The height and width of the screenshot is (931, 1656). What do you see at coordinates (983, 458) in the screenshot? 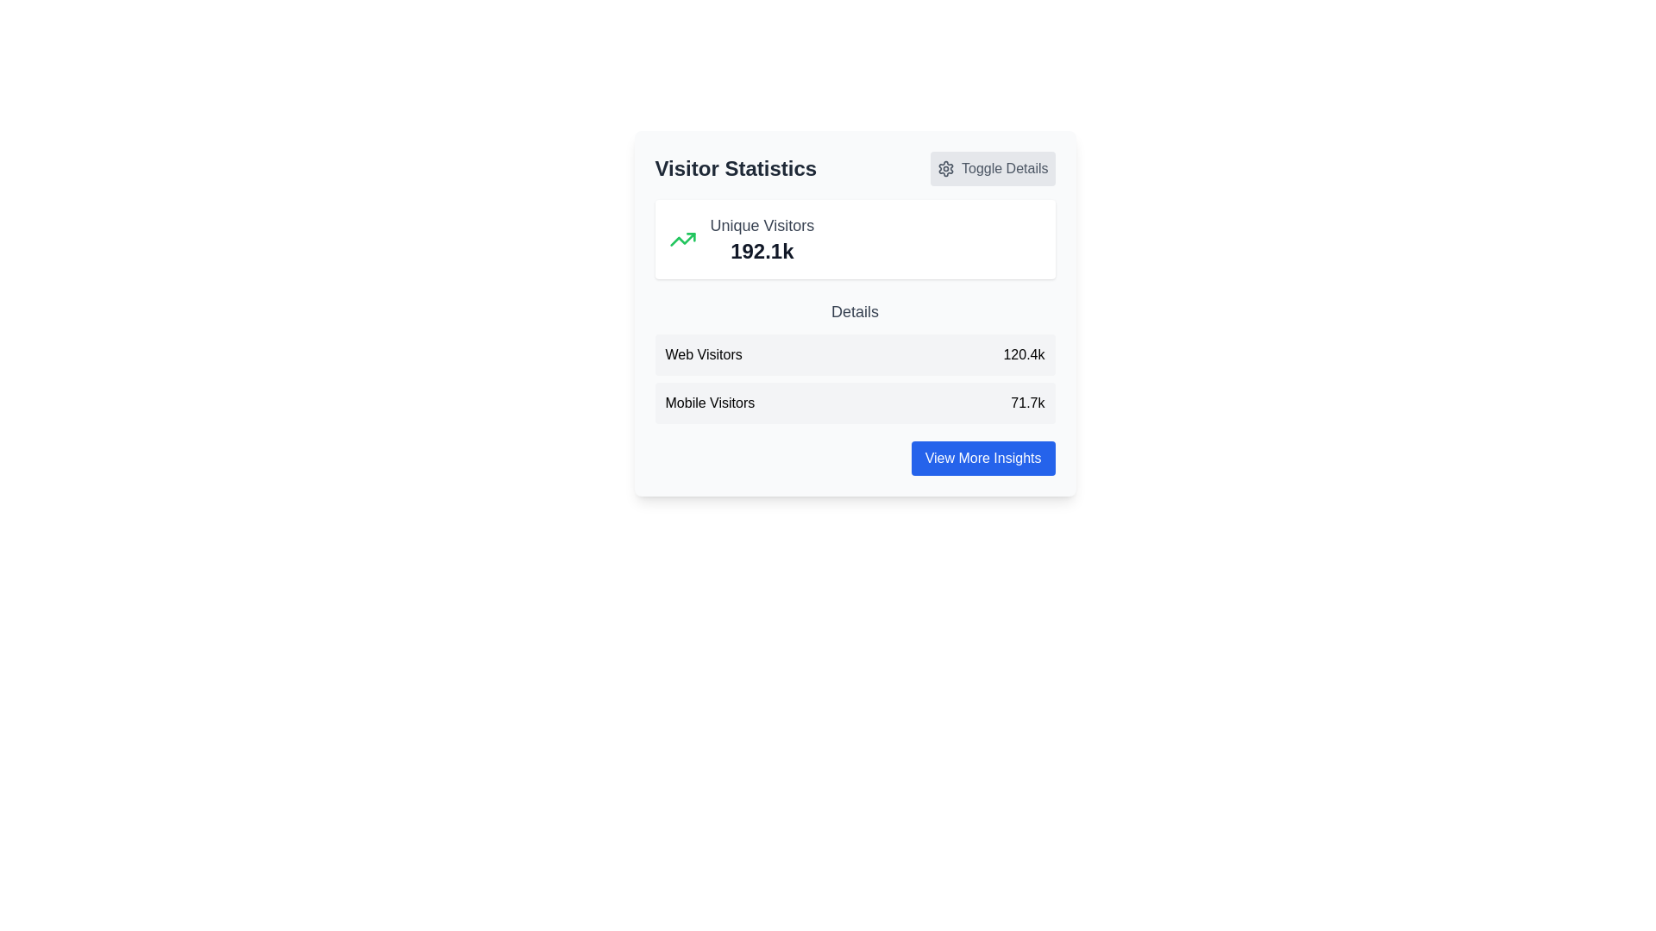
I see `the 'View More Insights' button with a blue background and white text` at bounding box center [983, 458].